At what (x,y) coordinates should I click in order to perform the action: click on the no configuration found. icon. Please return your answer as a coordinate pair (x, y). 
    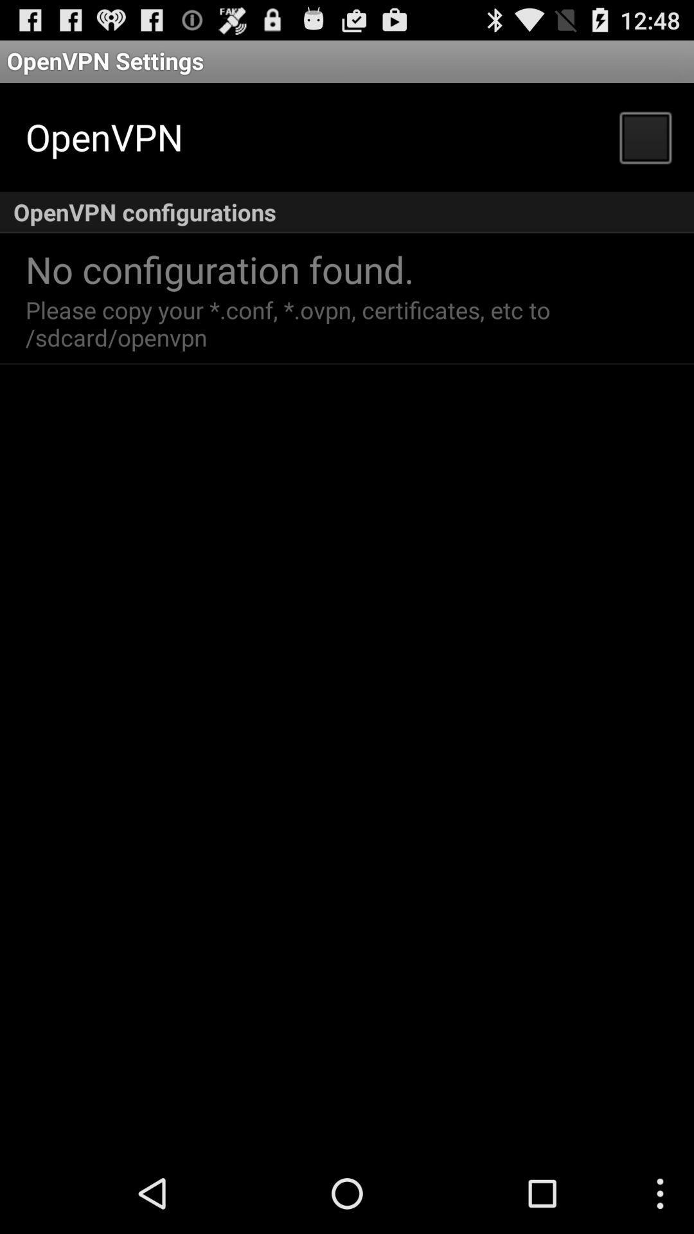
    Looking at the image, I should click on (219, 268).